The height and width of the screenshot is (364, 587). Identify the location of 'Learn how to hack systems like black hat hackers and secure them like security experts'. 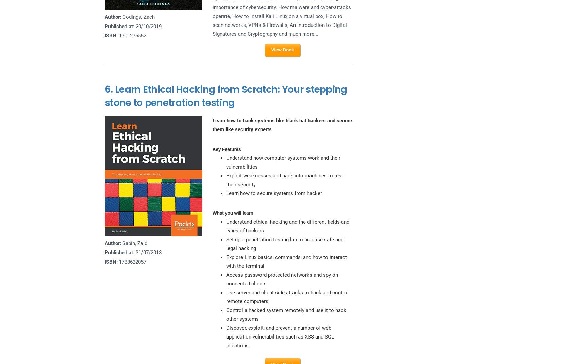
(281, 124).